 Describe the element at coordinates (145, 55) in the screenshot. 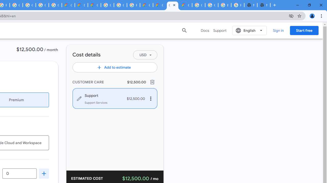

I see `'Open currency selector'` at that location.